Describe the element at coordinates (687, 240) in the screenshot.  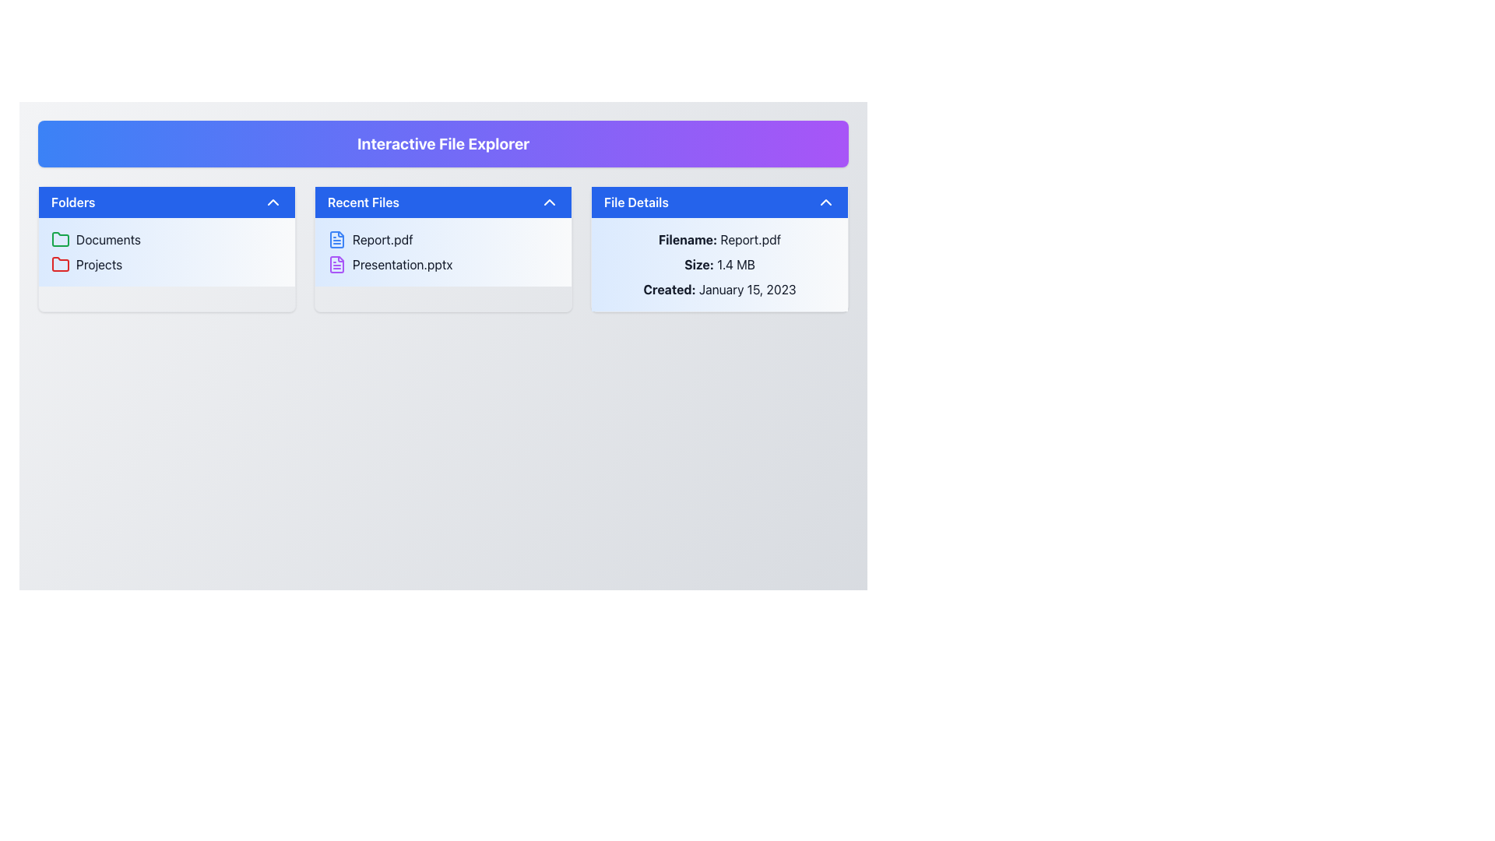
I see `the text label that identifies the file name 'Report.pdf' in the 'File Details' section` at that location.